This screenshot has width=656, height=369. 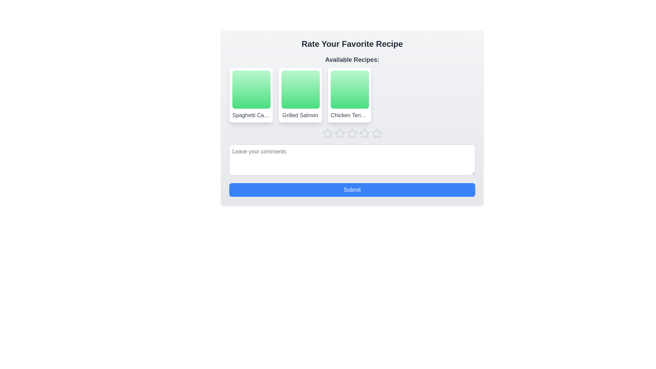 I want to click on the fourth star-shaped rating button, which is part of a horizontal rating system positioned under the recipe cards and above the comment input box, so click(x=364, y=133).